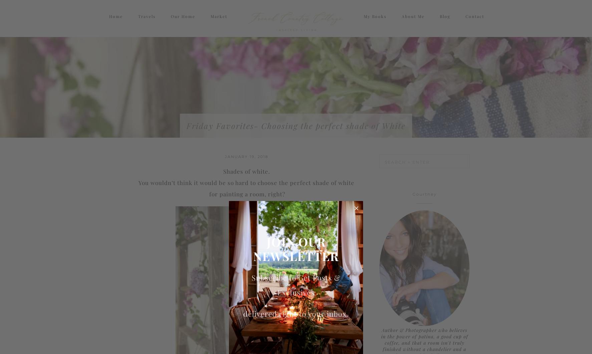  I want to click on 'My Books', so click(374, 22).